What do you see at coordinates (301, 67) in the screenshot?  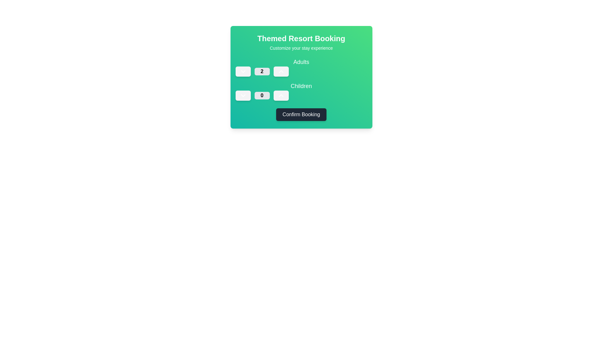 I see `the text label displaying 'Adults', which is centrally positioned above the controls for selecting the number of adults, styled with a larger font size and white color against a green background` at bounding box center [301, 67].